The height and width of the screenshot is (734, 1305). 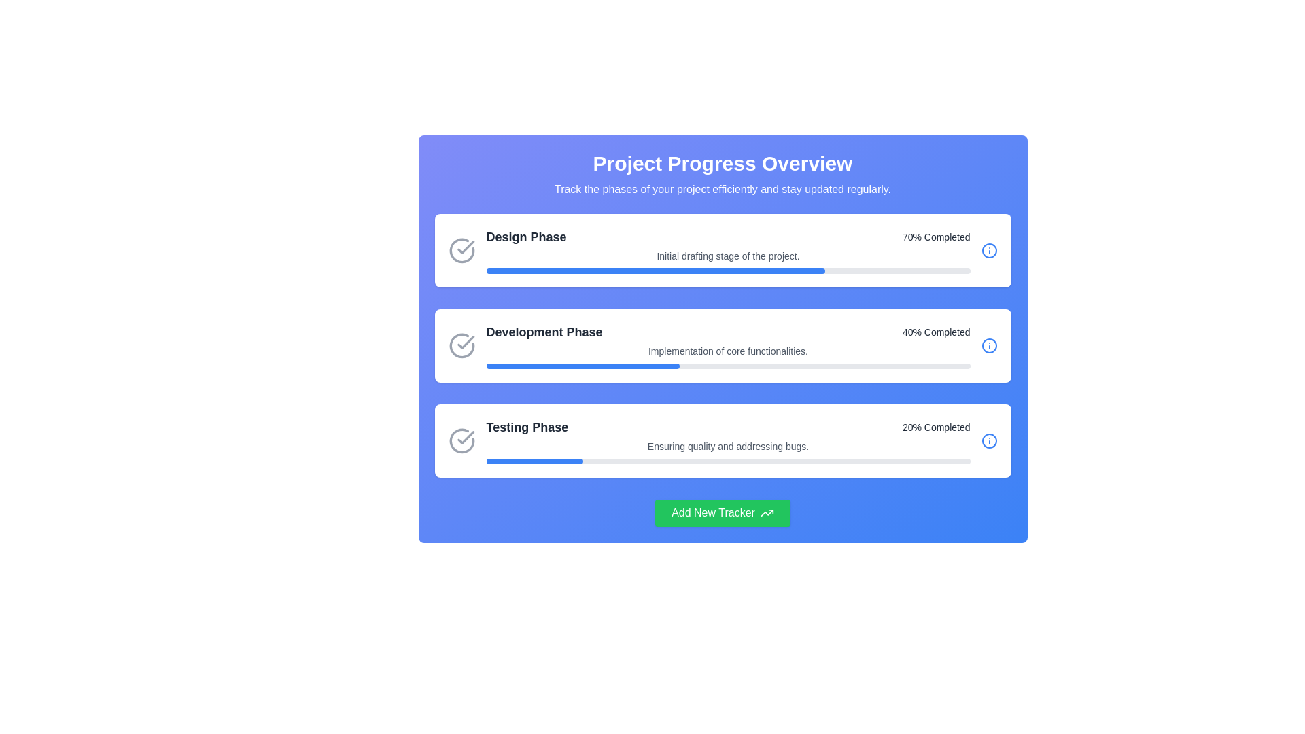 What do you see at coordinates (727, 460) in the screenshot?
I see `the progress bar located at the bottom of the 'Testing Phase' block, which is gray with a blue fill, positioned below the text 'Ensuring quality and addressing bugs.'` at bounding box center [727, 460].